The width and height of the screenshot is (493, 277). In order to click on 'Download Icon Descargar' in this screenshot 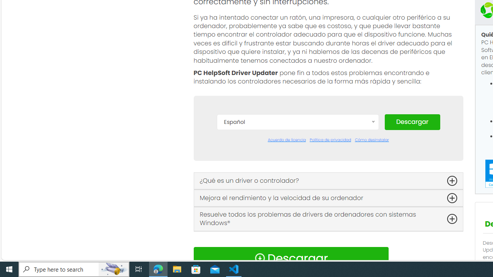, I will do `click(290, 258)`.